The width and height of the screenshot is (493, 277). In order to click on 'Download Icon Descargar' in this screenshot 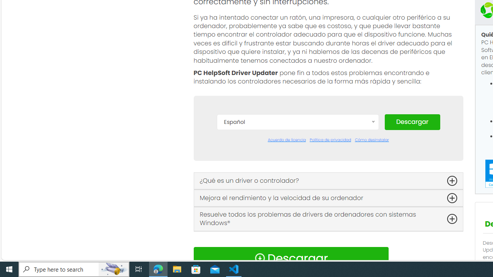, I will do `click(290, 258)`.